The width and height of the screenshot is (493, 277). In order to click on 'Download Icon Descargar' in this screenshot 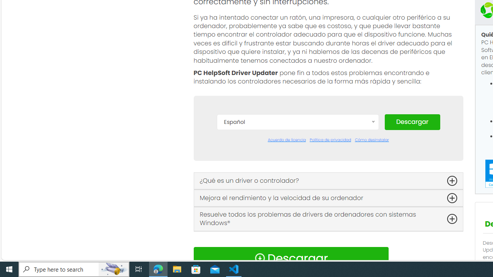, I will do `click(290, 258)`.